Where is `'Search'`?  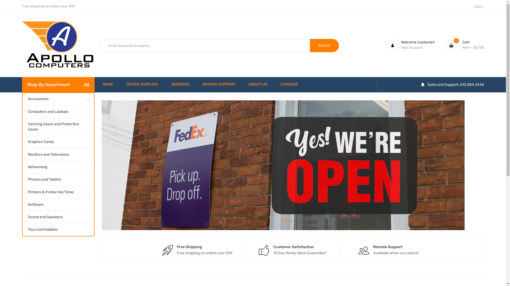 'Search' is located at coordinates (310, 45).